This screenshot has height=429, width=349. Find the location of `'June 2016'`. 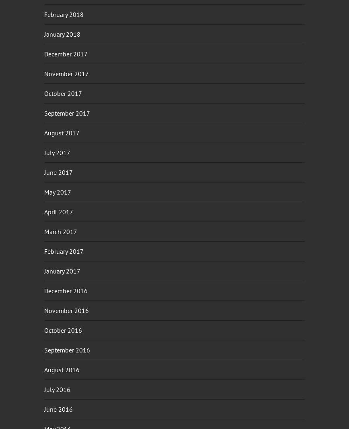

'June 2016' is located at coordinates (58, 409).